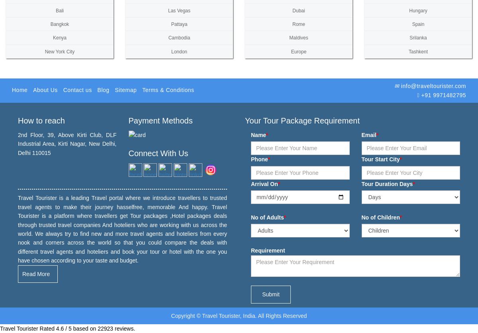 Image resolution: width=478 pixels, height=333 pixels. What do you see at coordinates (19, 327) in the screenshot?
I see `'Travel Tourister'` at bounding box center [19, 327].